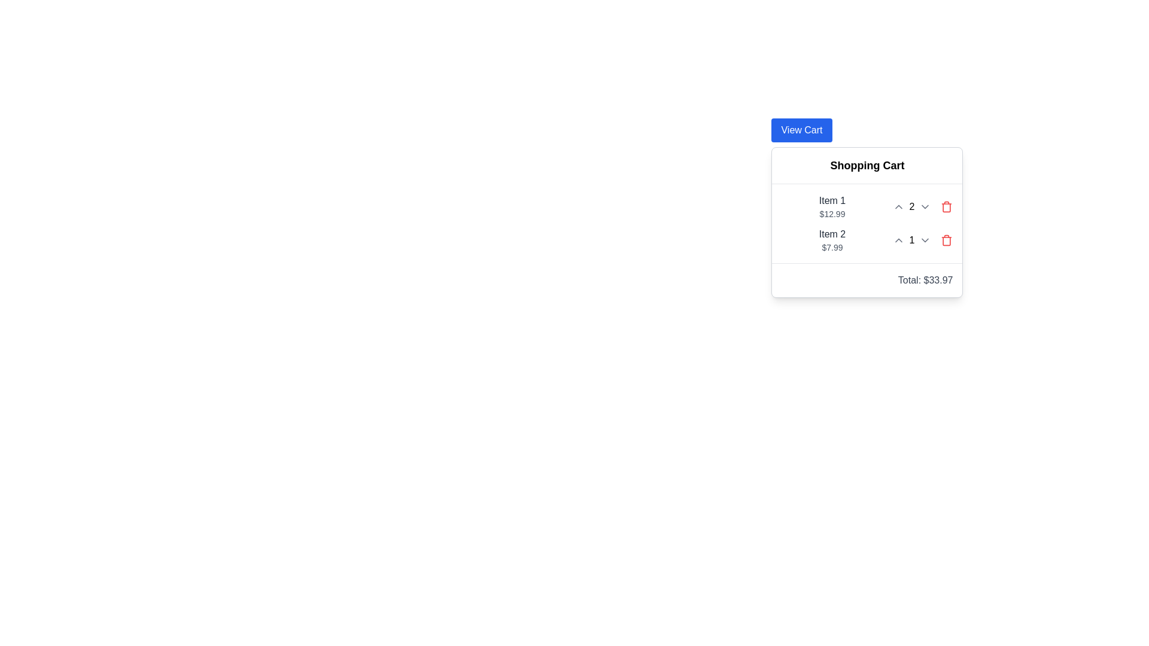 This screenshot has height=646, width=1149. Describe the element at coordinates (832, 246) in the screenshot. I see `the static text displaying the price '$7.99', which is styled in a small font and gray color, located below the label 'Item 2' in the shopping cart interface` at that location.